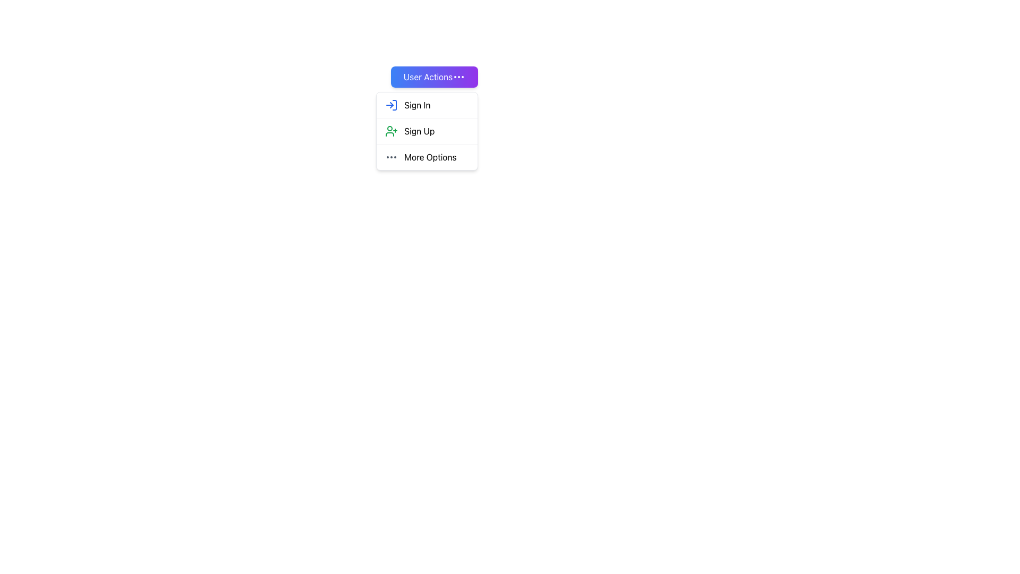 This screenshot has width=1020, height=574. I want to click on the Dropdown Trigger Button with the text 'User Actions' and an ellipsis icon, so click(434, 77).